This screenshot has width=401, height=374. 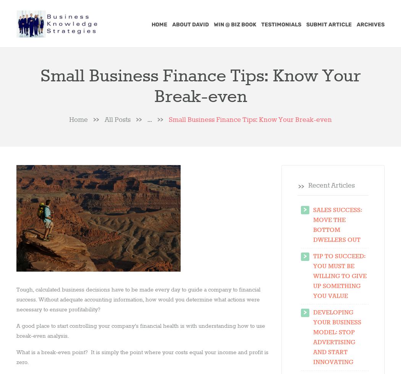 I want to click on '...', so click(x=149, y=120).